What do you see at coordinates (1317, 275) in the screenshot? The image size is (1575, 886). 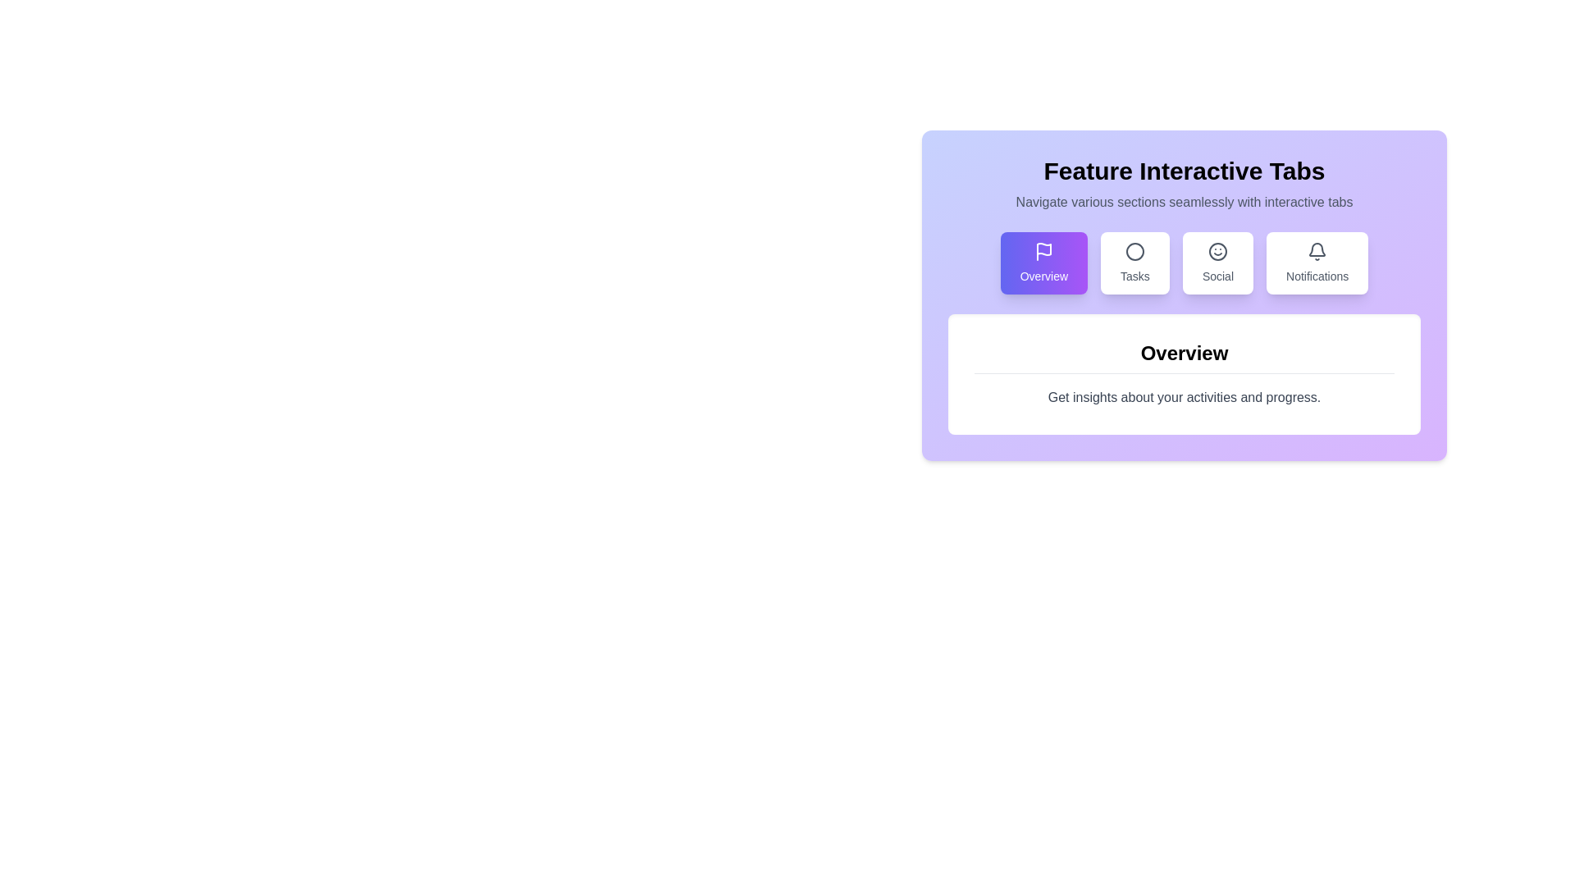 I see `Notifications tab text label located beneath the bell icon in the fourth tab of the top navigation panel` at bounding box center [1317, 275].